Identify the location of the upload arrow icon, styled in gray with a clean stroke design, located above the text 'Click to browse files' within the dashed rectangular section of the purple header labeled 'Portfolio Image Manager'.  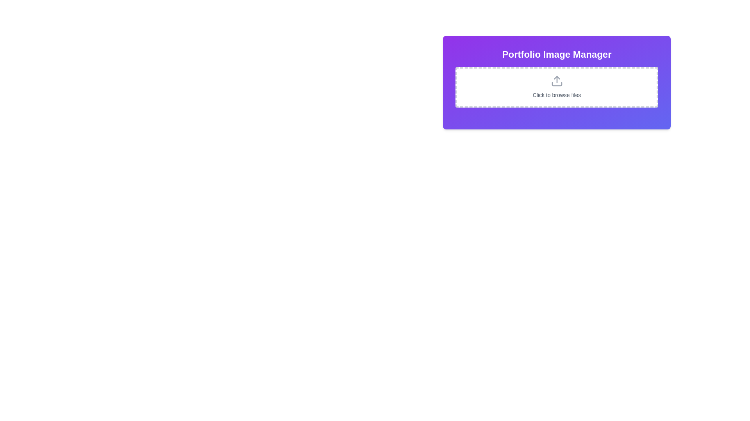
(556, 81).